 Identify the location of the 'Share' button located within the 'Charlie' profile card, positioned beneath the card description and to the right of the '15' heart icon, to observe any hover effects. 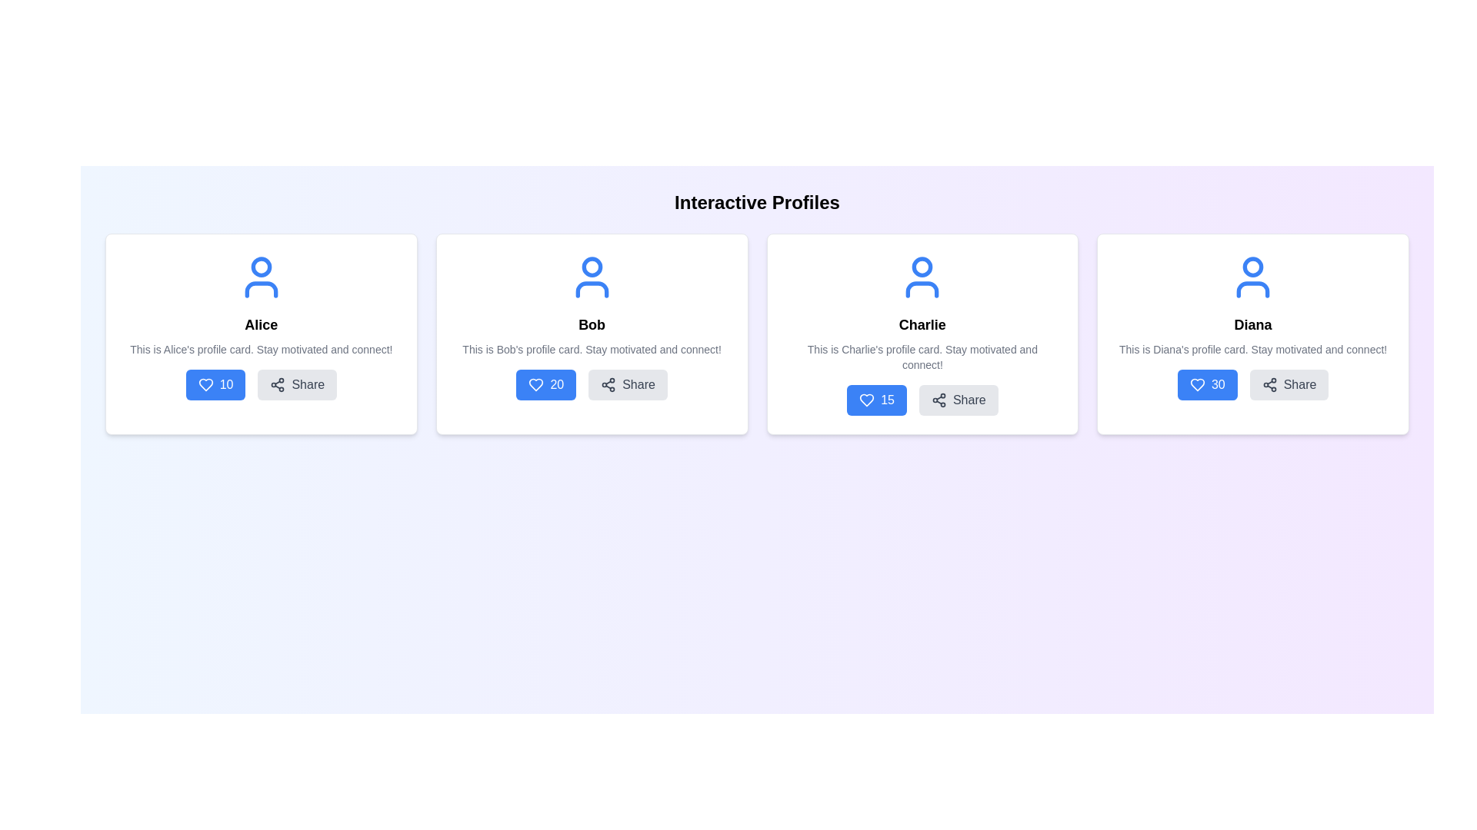
(922, 399).